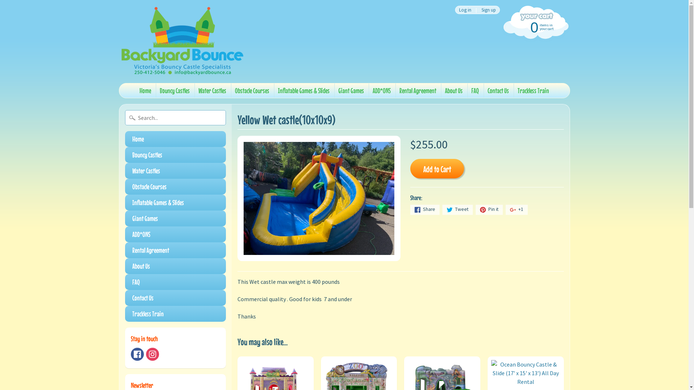 This screenshot has width=694, height=390. What do you see at coordinates (212, 90) in the screenshot?
I see `'Water Castles'` at bounding box center [212, 90].